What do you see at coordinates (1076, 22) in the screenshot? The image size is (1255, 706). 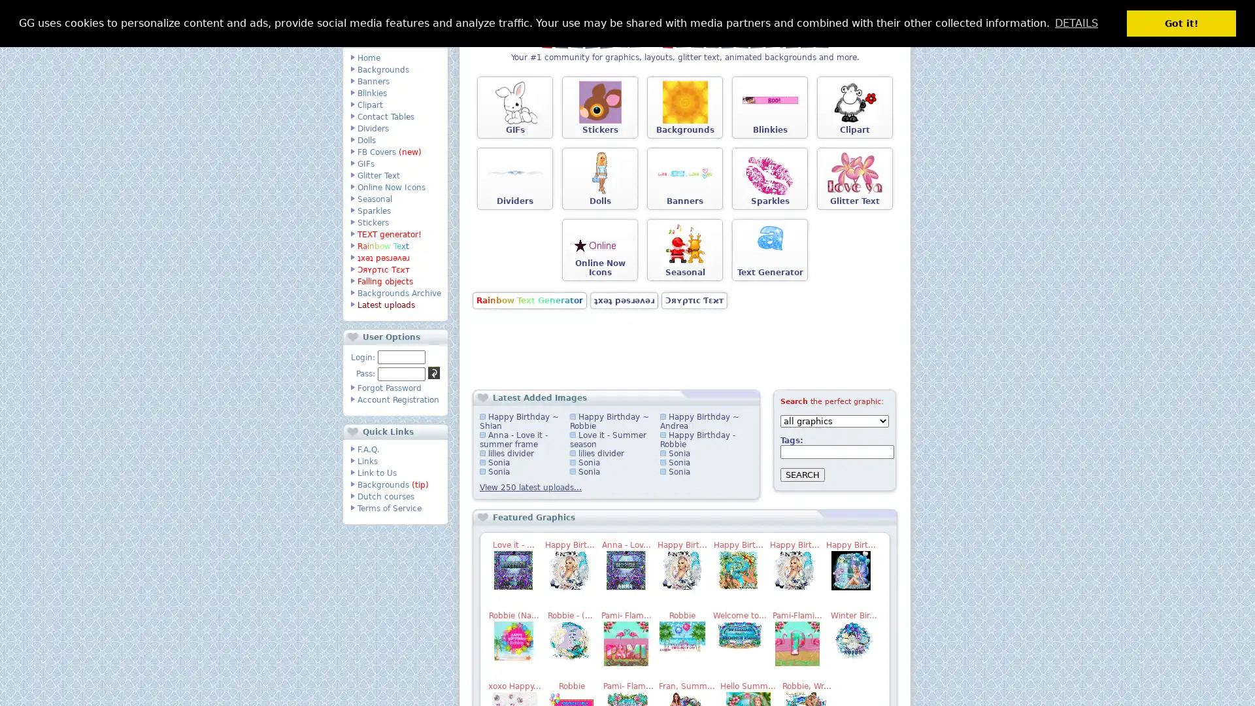 I see `learn more about cookies` at bounding box center [1076, 22].